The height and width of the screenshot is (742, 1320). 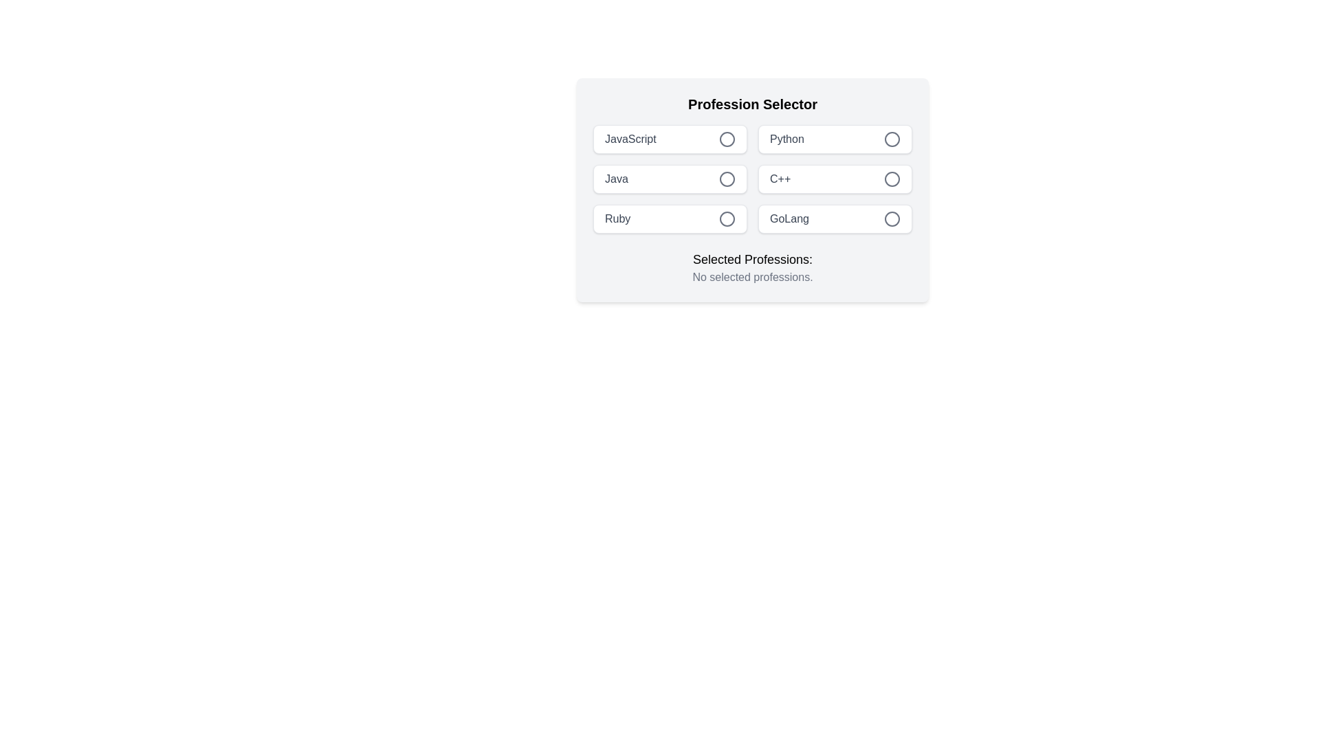 I want to click on the inner circle of the radio button indicator next to the label 'Python' in the selection grid, so click(x=892, y=139).